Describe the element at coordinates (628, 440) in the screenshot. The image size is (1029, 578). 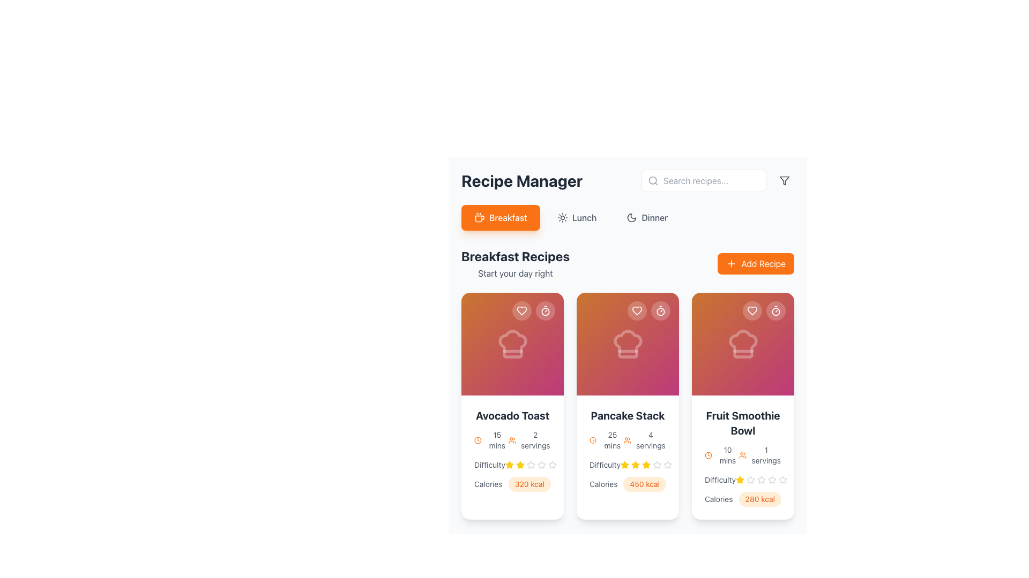
I see `the orange icon representing a group of people, which is positioned next to the text '4 servings'` at that location.